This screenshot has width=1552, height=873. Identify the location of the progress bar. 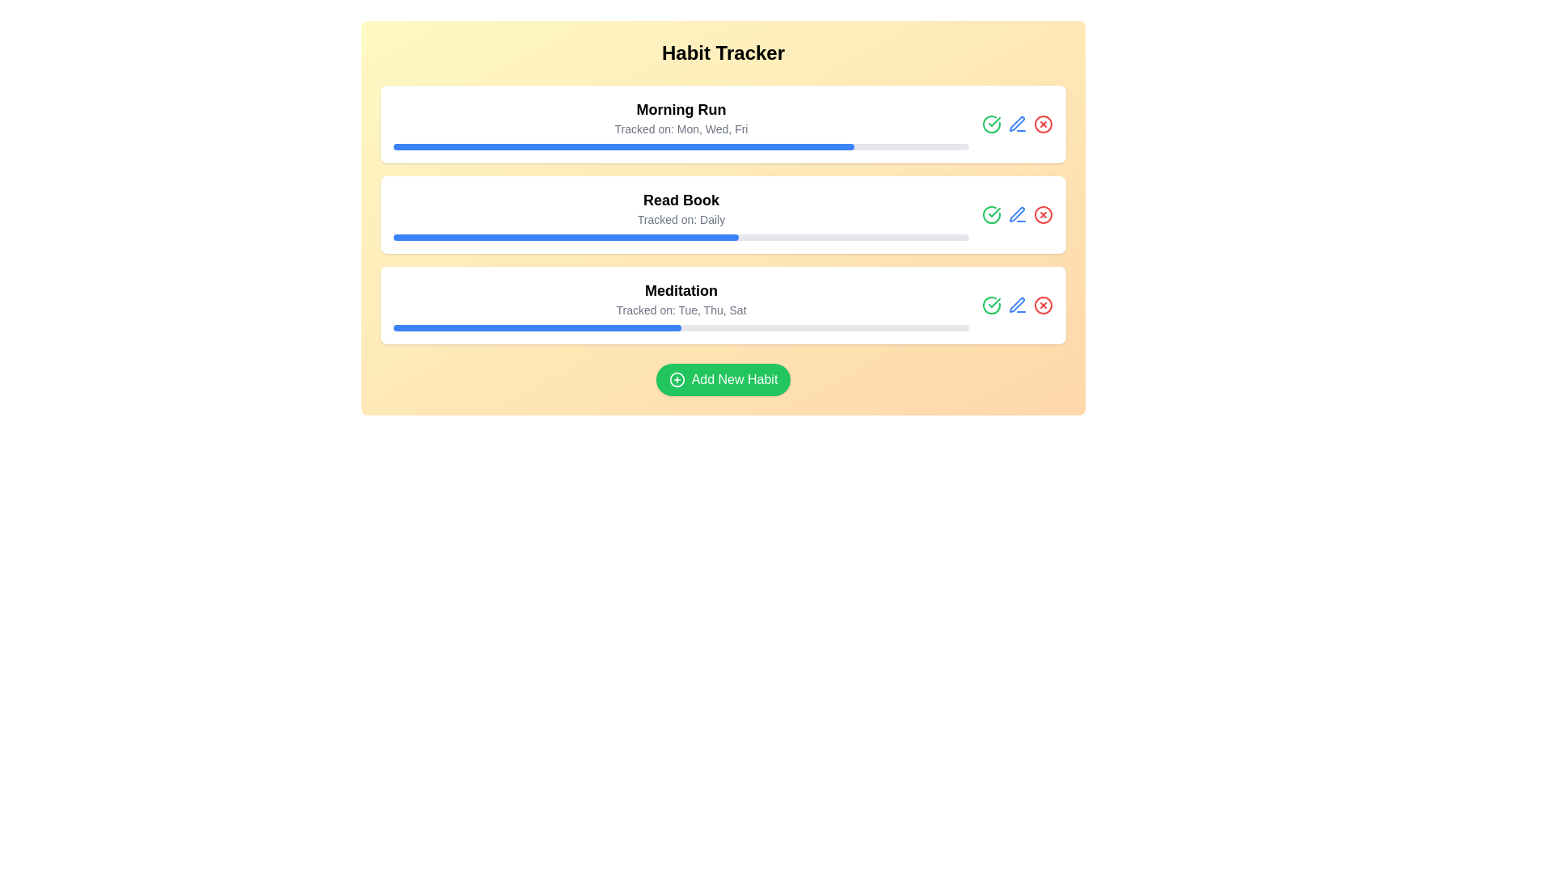
(397, 237).